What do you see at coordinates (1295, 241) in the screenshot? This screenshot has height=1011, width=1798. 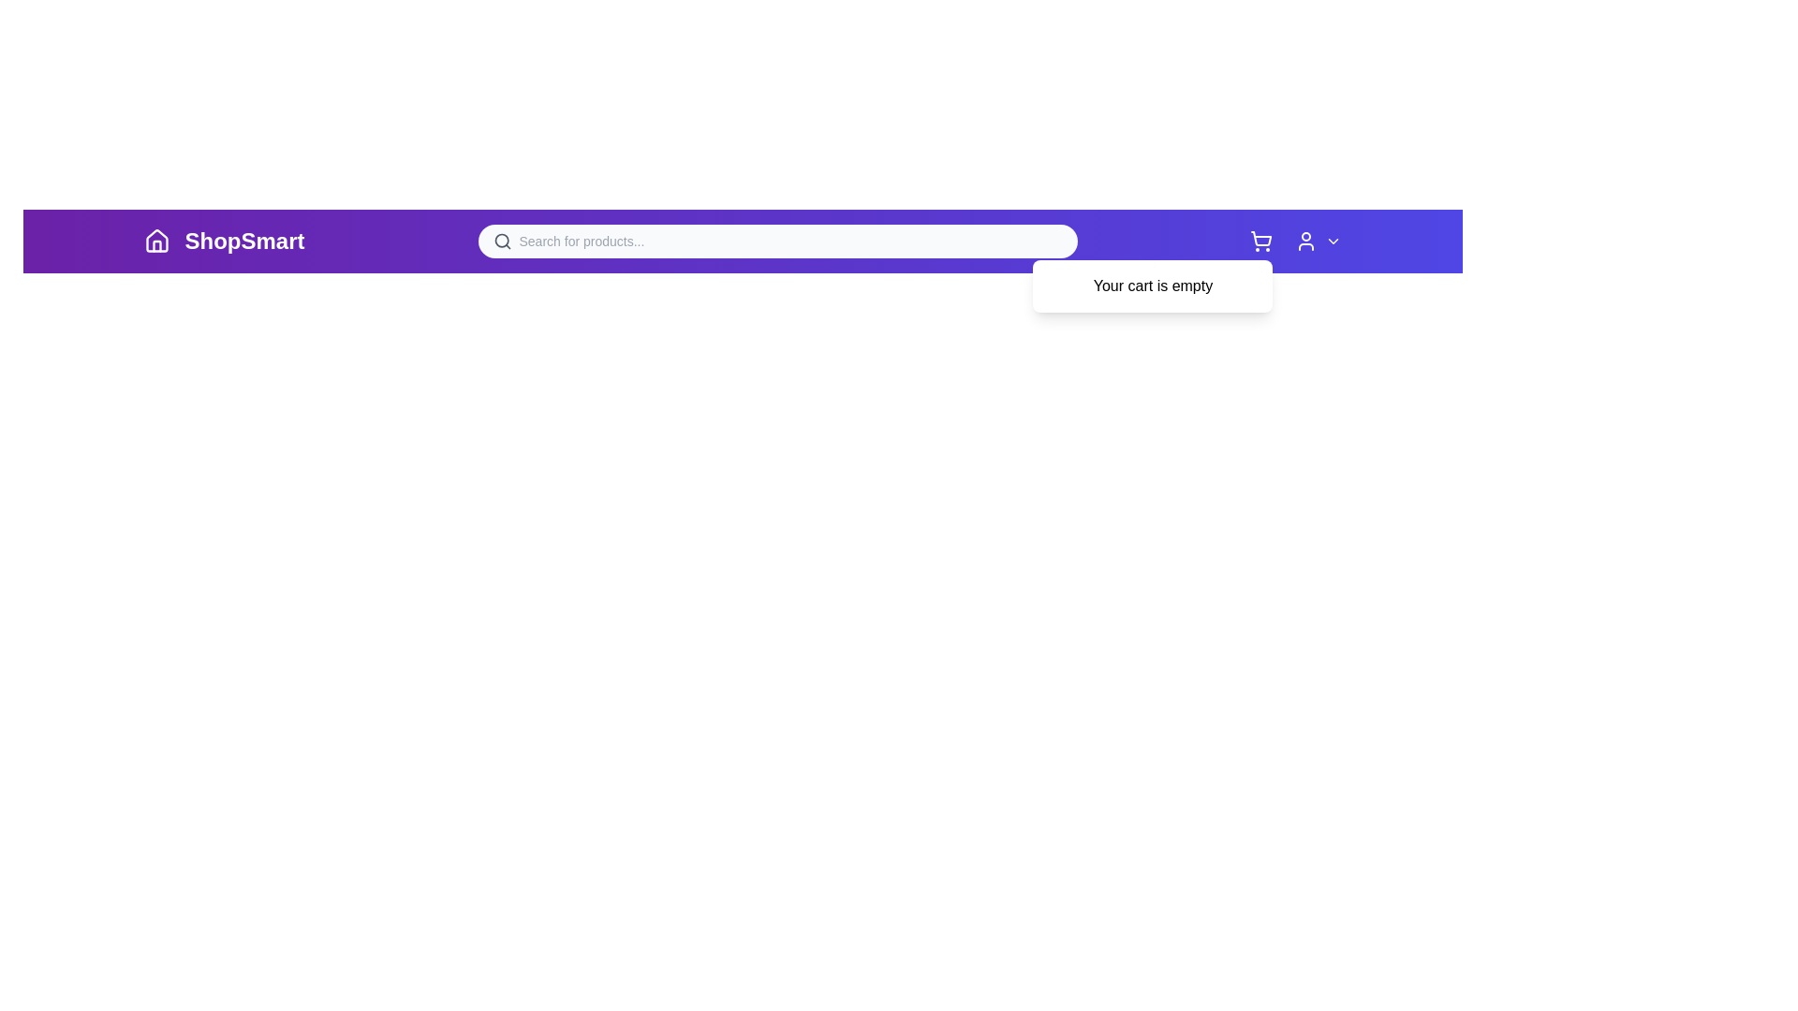 I see `the user account icon button represented by a human silhouette in a circle, located in the top-right corner of the navigation bar` at bounding box center [1295, 241].